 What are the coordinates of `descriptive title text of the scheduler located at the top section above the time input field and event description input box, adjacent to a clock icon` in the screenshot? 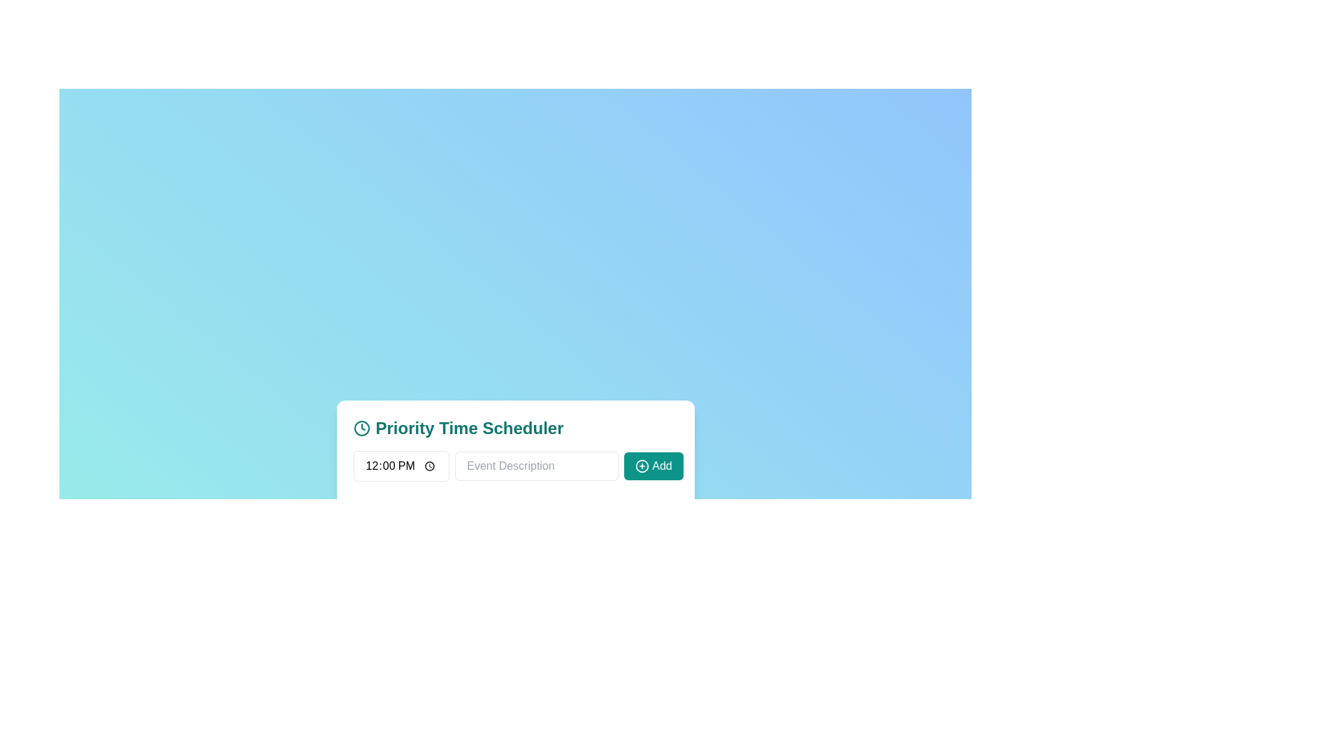 It's located at (514, 428).